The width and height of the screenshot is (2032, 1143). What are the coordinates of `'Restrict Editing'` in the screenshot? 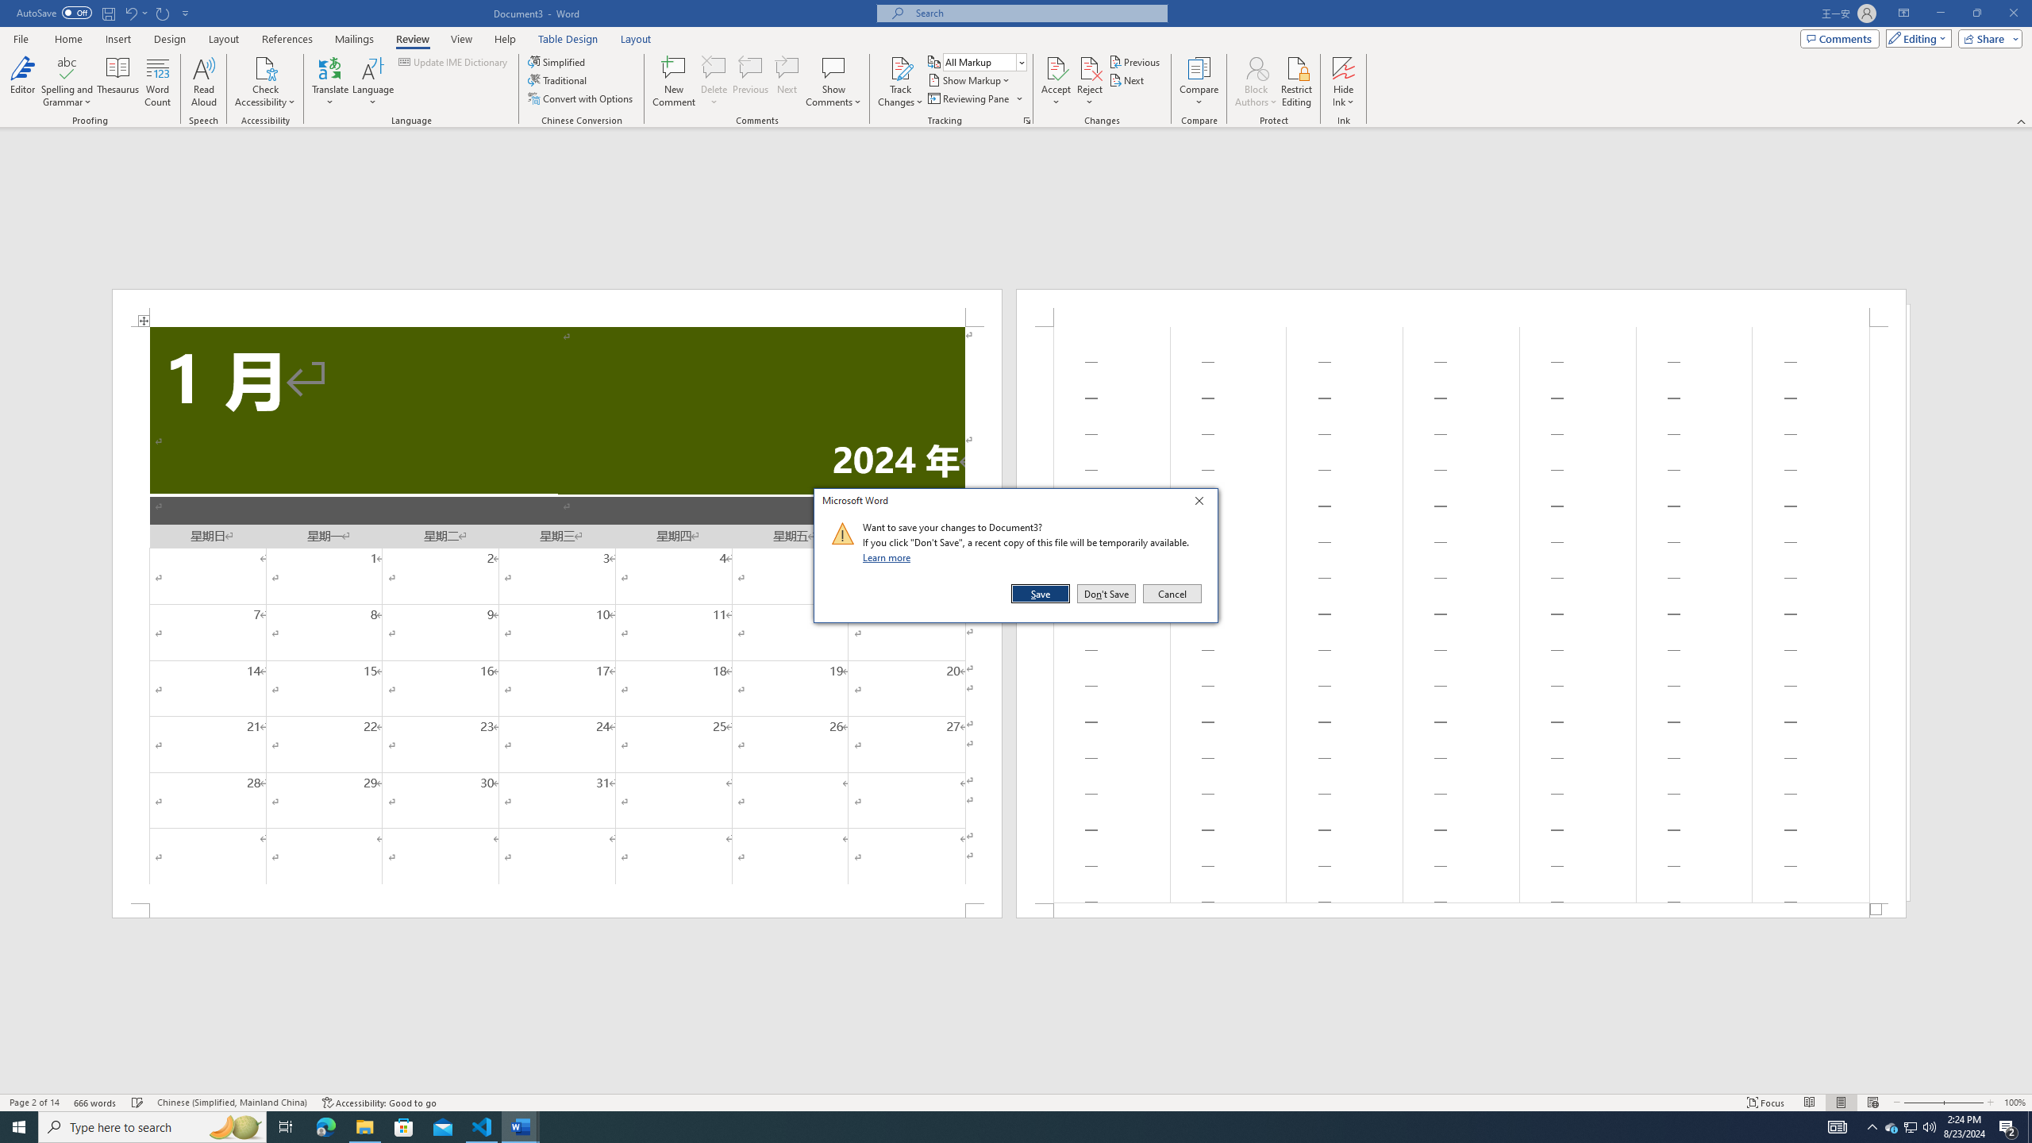 It's located at (1297, 82).